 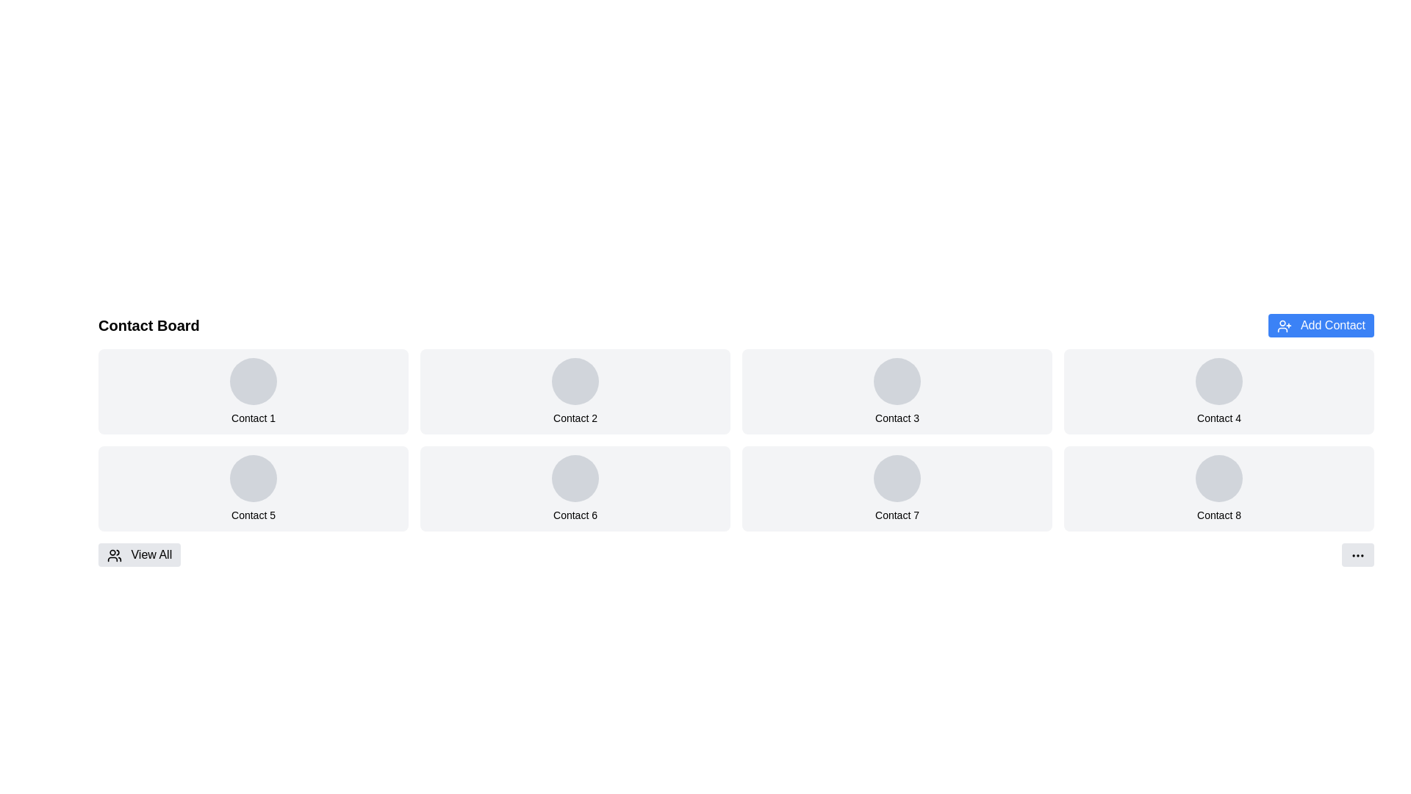 What do you see at coordinates (896, 418) in the screenshot?
I see `text displayed on the contact name label located at the center-bottom of the third contact card in the top row of the grid layout` at bounding box center [896, 418].